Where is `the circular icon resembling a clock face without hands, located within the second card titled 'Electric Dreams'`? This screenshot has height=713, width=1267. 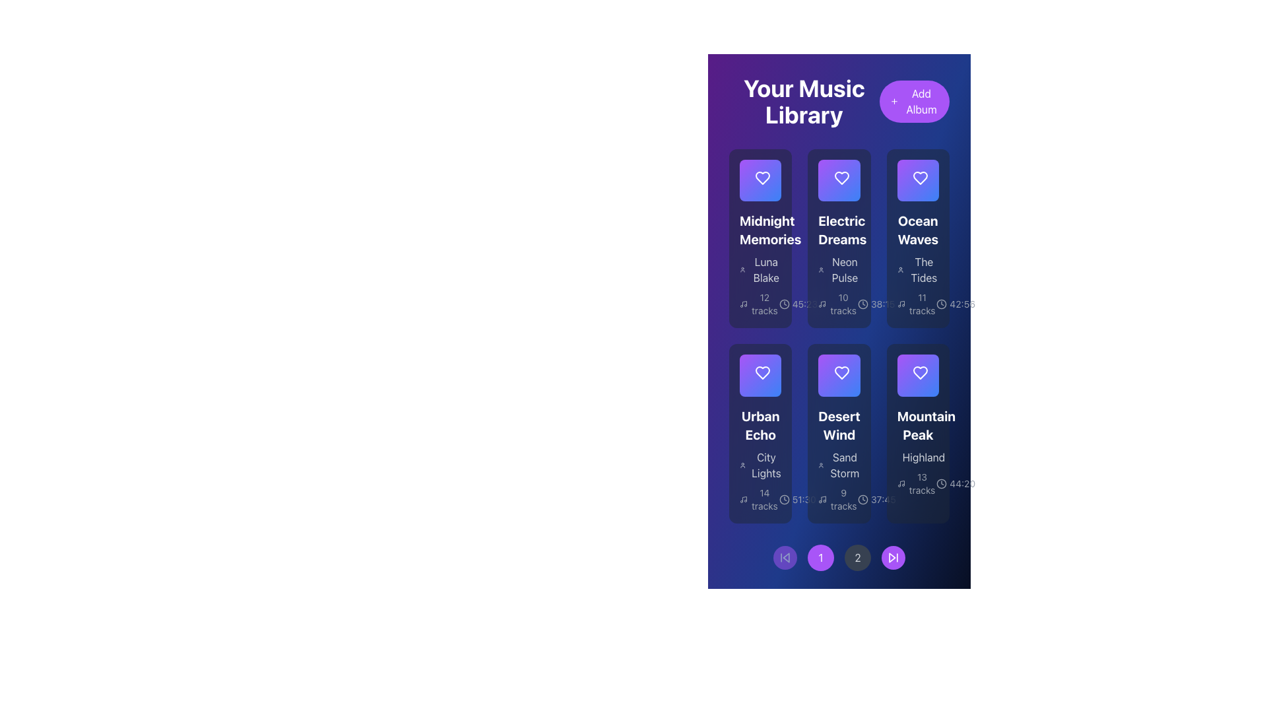
the circular icon resembling a clock face without hands, located within the second card titled 'Electric Dreams' is located at coordinates (863, 304).